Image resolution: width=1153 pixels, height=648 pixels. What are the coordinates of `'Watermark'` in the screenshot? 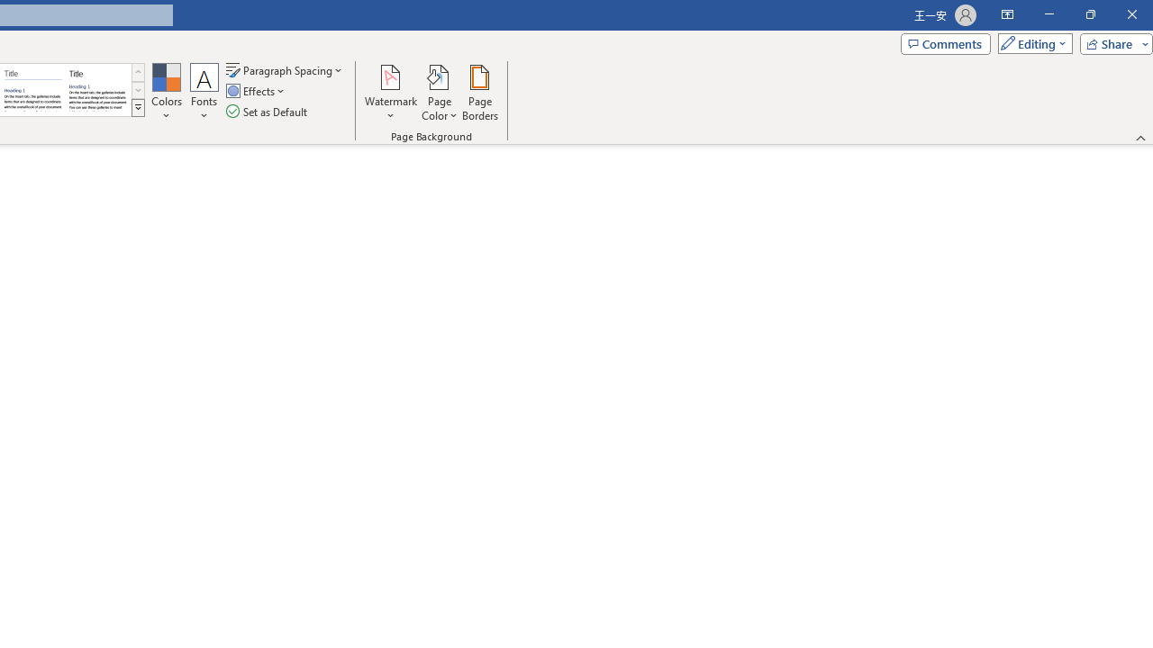 It's located at (390, 93).